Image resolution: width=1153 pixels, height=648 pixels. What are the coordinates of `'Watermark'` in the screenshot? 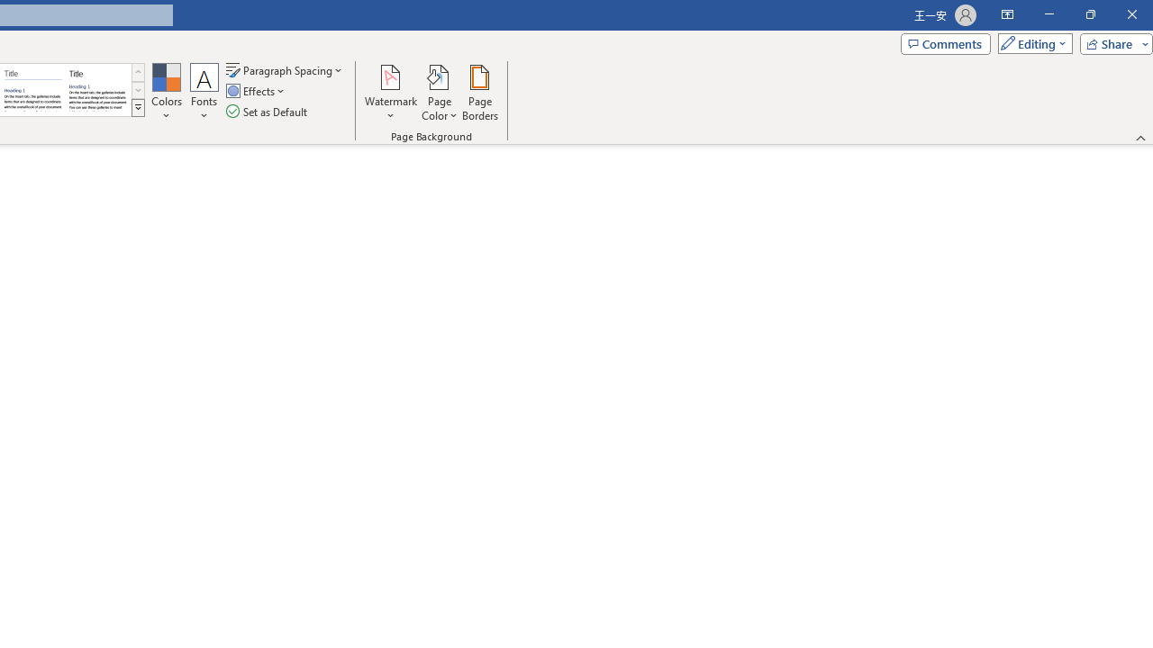 It's located at (390, 93).